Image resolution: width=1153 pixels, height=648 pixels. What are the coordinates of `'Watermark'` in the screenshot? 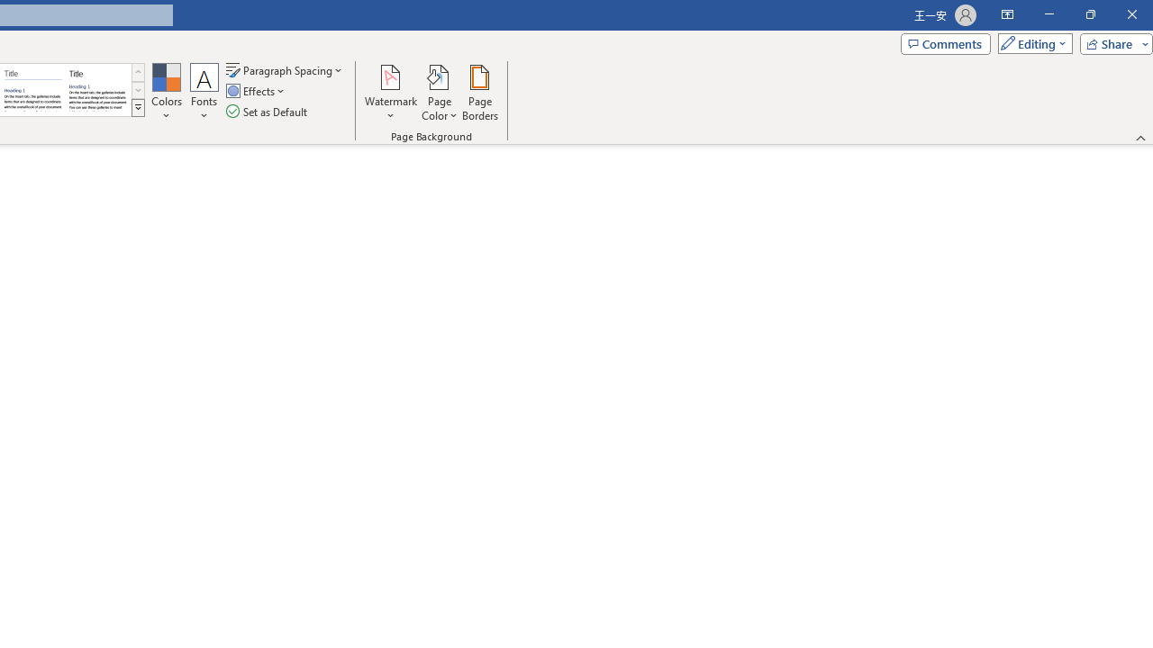 It's located at (390, 93).